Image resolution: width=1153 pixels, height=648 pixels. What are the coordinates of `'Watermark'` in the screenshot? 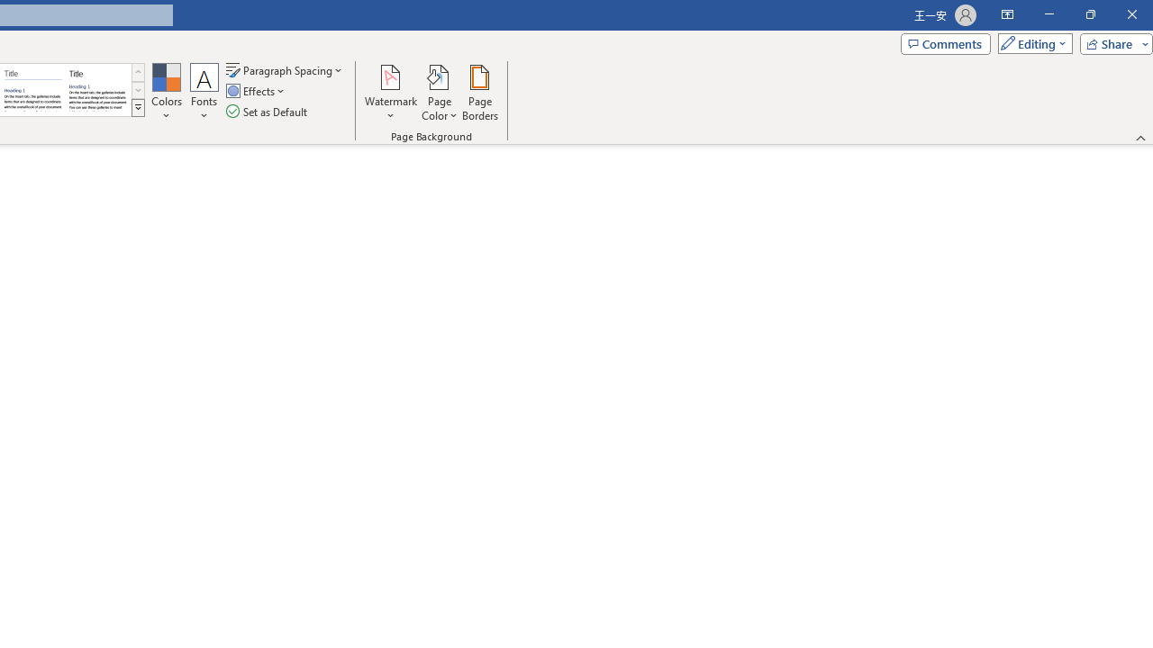 It's located at (390, 93).